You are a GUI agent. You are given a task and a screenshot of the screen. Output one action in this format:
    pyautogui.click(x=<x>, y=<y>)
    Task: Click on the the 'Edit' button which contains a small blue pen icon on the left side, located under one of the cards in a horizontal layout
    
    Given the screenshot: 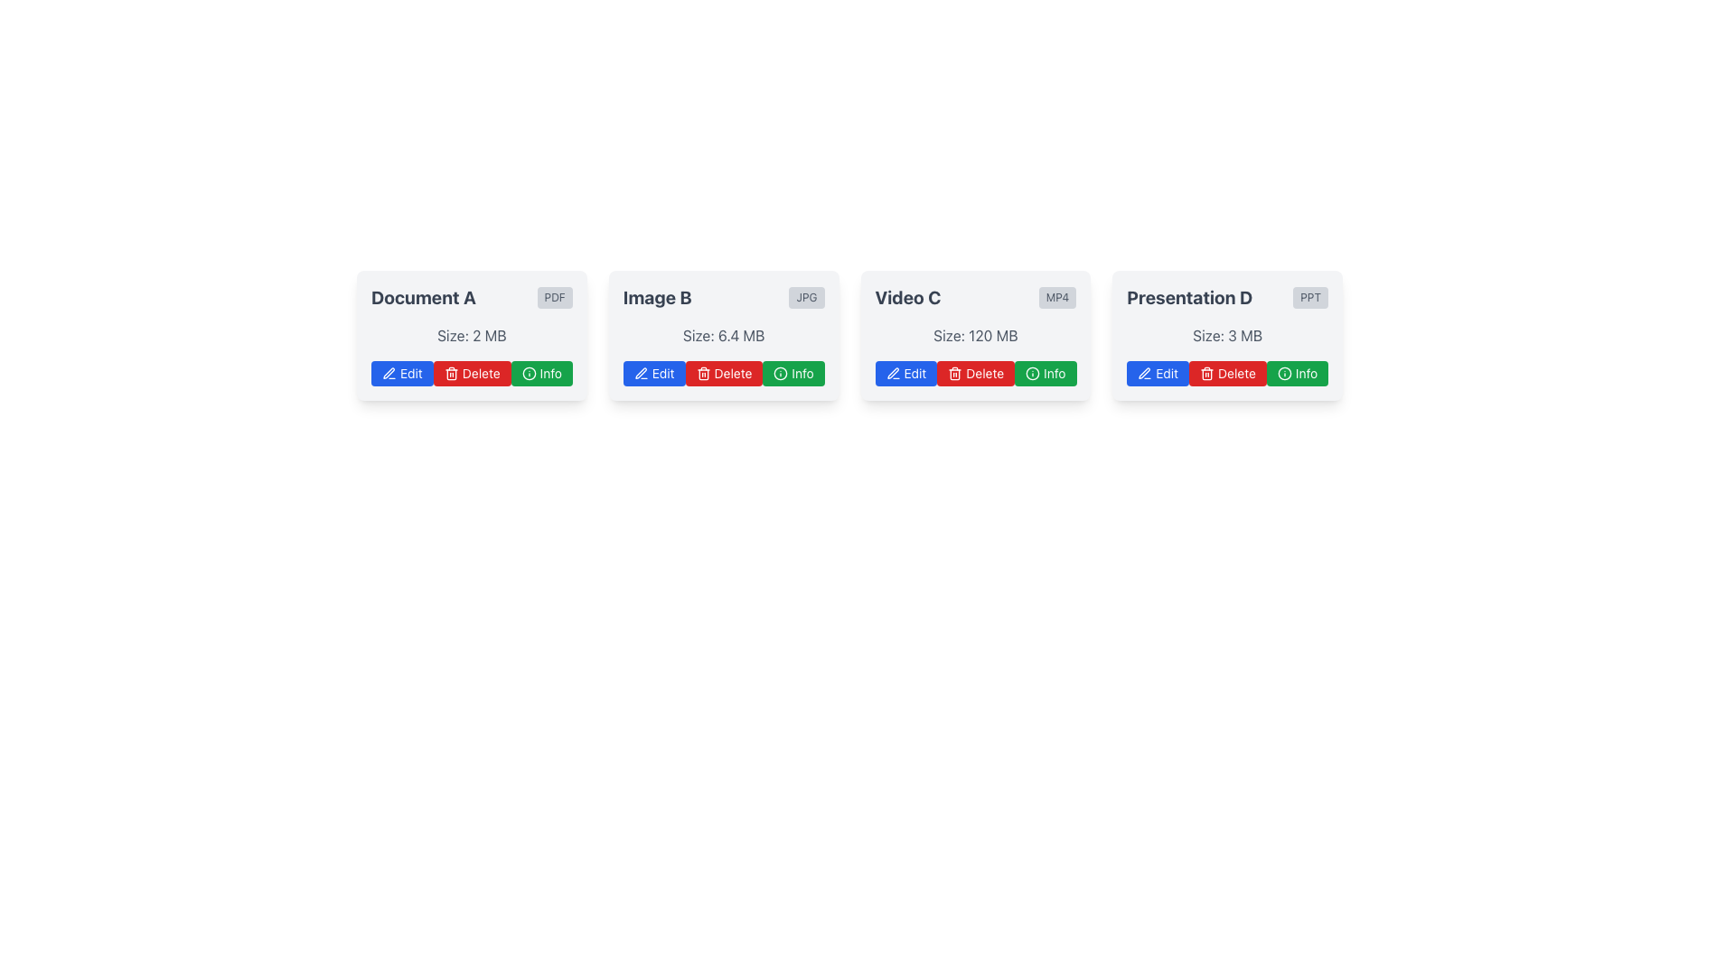 What is the action you would take?
    pyautogui.click(x=1144, y=372)
    